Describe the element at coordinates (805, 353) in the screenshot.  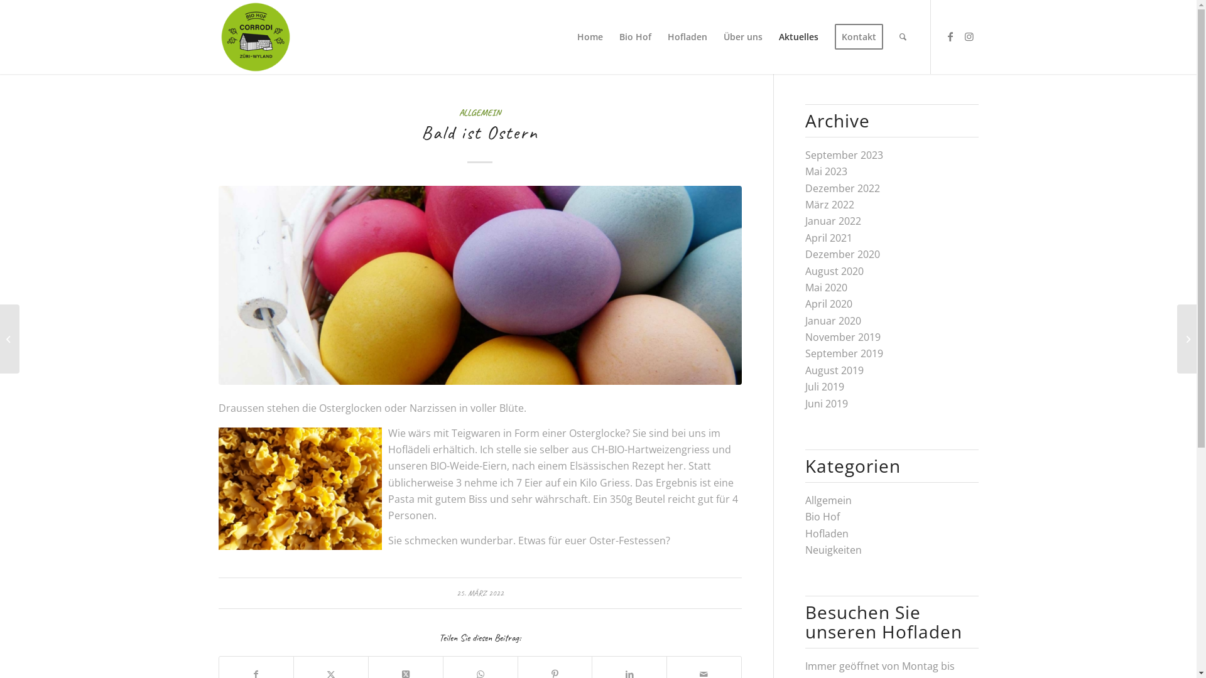
I see `'September 2019'` at that location.